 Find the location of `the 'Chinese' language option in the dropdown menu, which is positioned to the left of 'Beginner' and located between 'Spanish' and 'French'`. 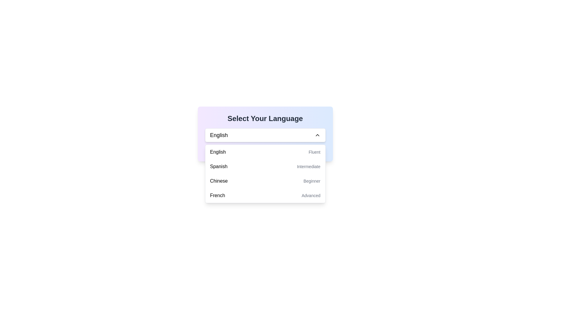

the 'Chinese' language option in the dropdown menu, which is positioned to the left of 'Beginner' and located between 'Spanish' and 'French' is located at coordinates (218, 181).